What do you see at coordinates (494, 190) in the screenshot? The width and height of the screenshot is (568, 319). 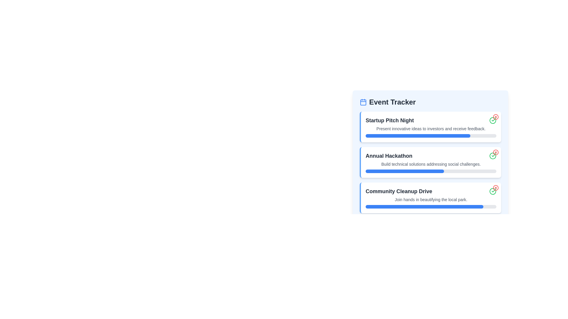 I see `the checkmark icon located at the bottom-right corner of the 'Community Cleanup Drive' card, which is styled with a smooth, minimalistic design` at bounding box center [494, 190].